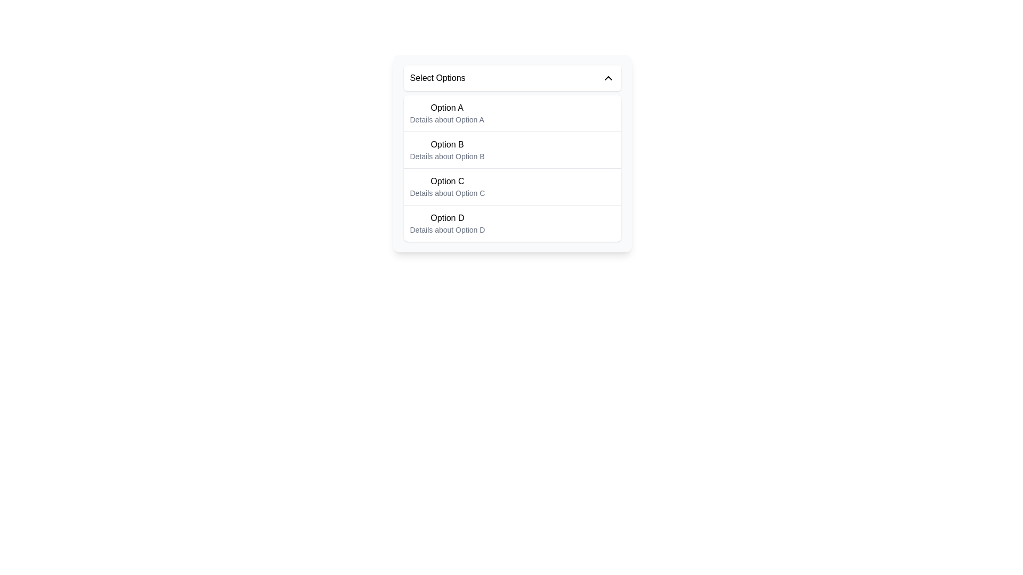 Image resolution: width=1023 pixels, height=575 pixels. Describe the element at coordinates (447, 150) in the screenshot. I see `to select 'Option B' from the dropdown menu, which is the second option in the list under 'Select Options'` at that location.